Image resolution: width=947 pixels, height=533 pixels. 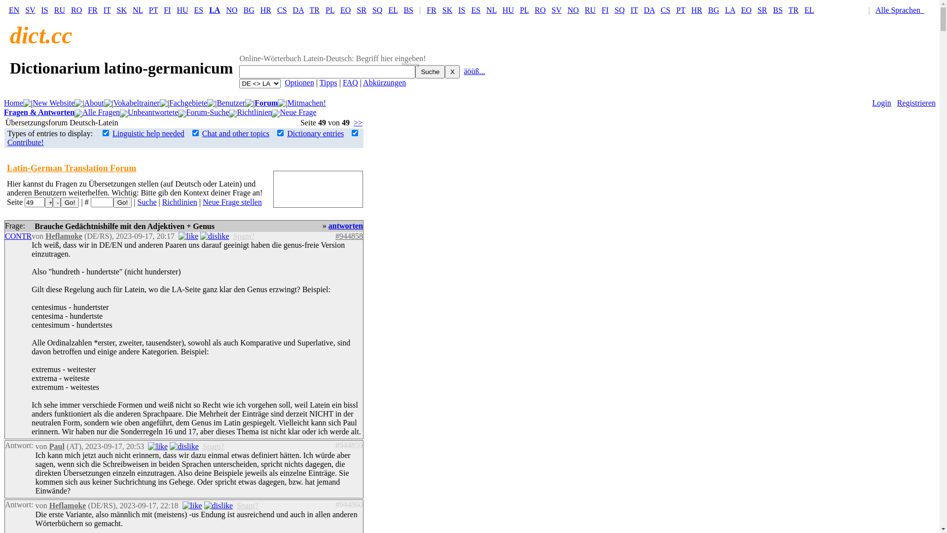 I want to click on 'FAQ', so click(x=350, y=82).